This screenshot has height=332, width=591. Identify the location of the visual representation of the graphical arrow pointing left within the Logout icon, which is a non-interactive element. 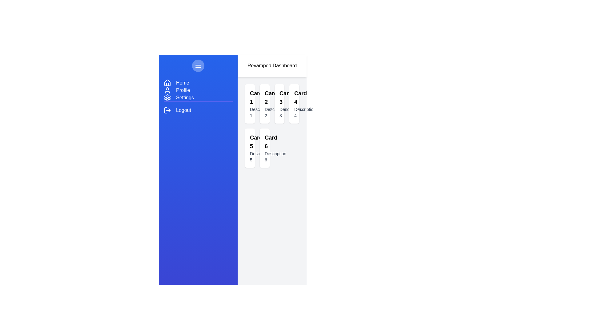
(169, 110).